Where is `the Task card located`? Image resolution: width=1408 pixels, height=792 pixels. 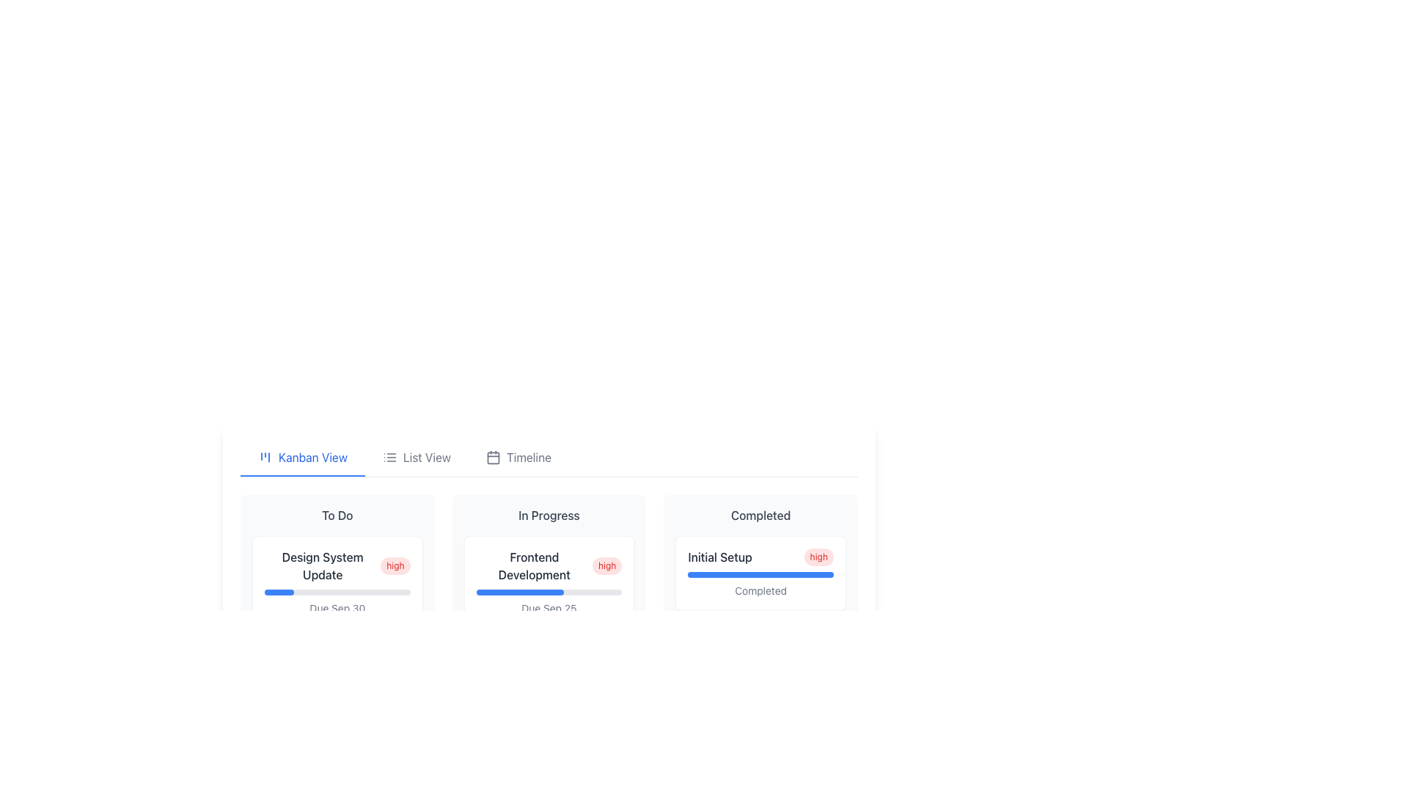
the Task card located is located at coordinates (548, 584).